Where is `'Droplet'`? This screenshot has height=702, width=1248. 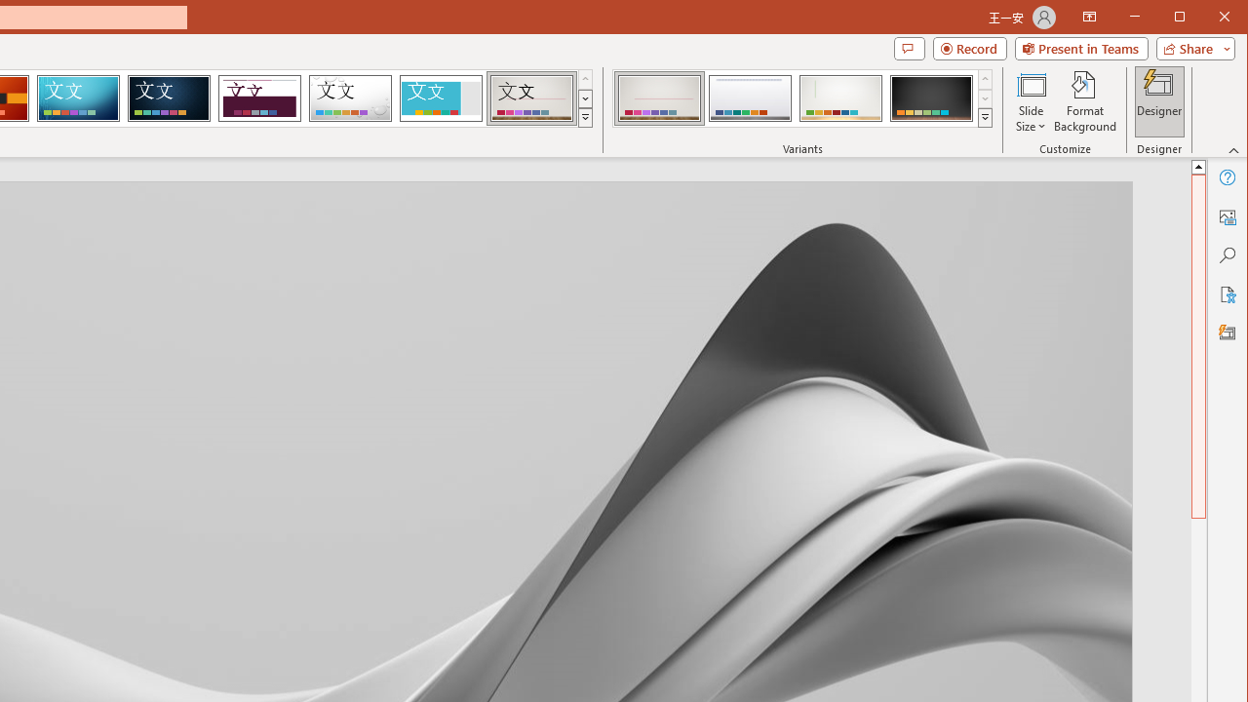
'Droplet' is located at coordinates (350, 97).